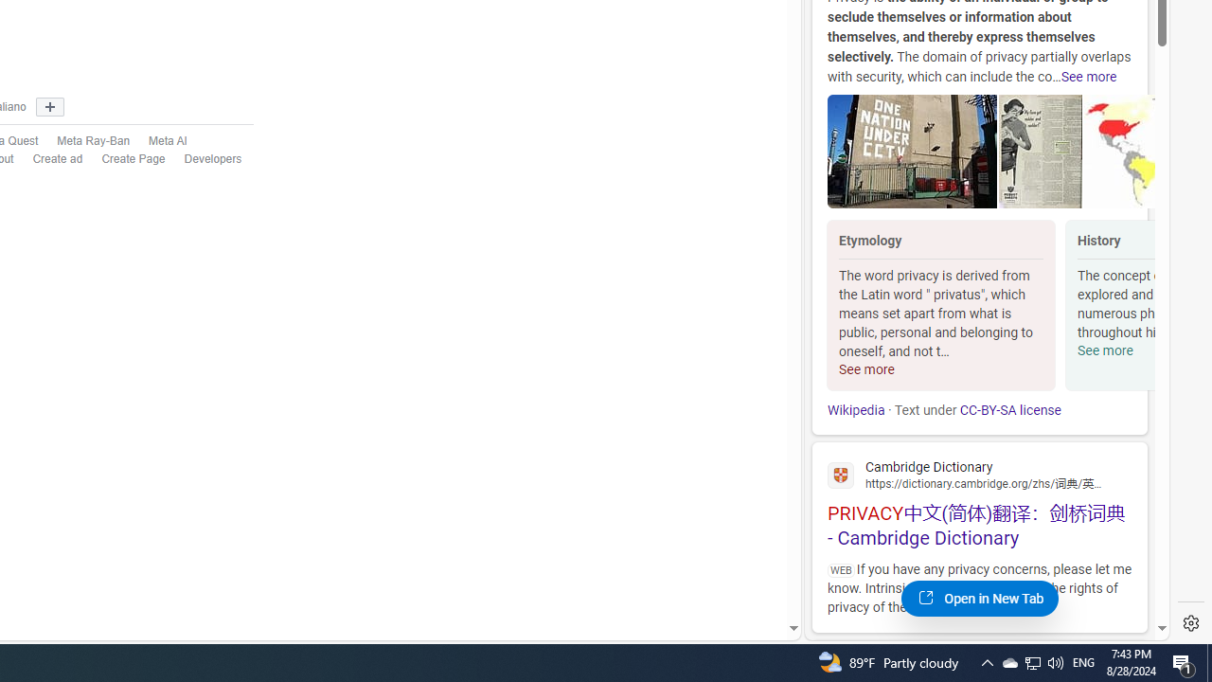  Describe the element at coordinates (1008, 409) in the screenshot. I see `'CC-BY-SA license'` at that location.